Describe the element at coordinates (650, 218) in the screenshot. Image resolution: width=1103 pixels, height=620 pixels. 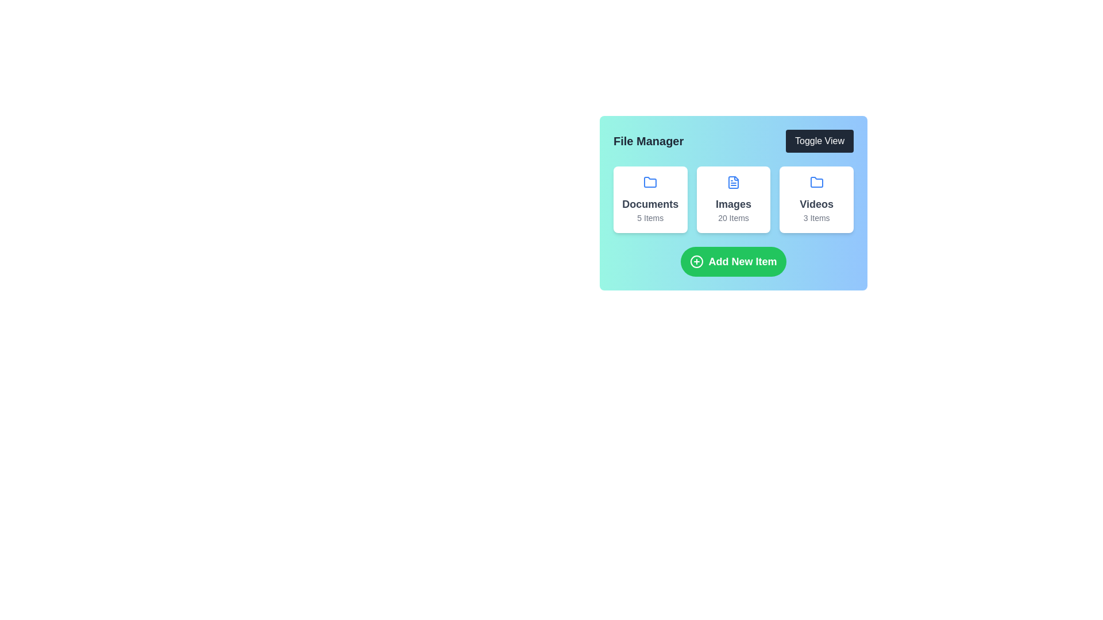
I see `the label displaying '5 Items', which is located below the 'Documents' label in a card-like structure` at that location.